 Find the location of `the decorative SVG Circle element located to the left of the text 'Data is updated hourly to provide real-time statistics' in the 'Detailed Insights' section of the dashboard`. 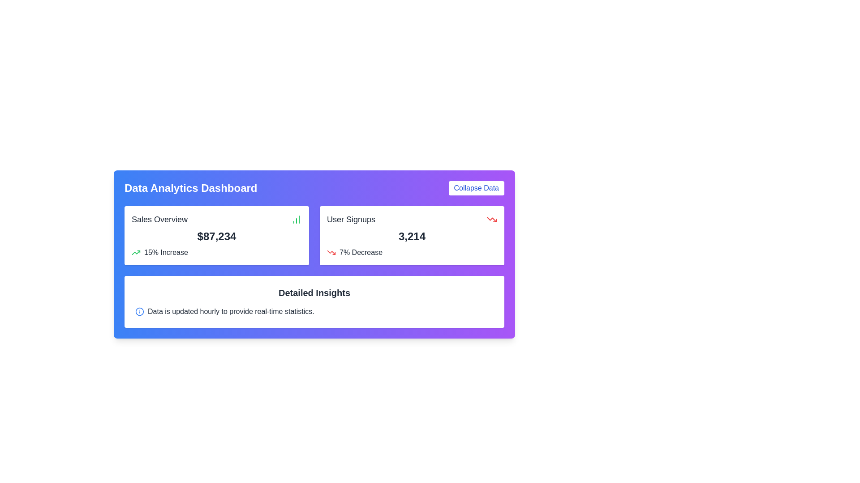

the decorative SVG Circle element located to the left of the text 'Data is updated hourly to provide real-time statistics' in the 'Detailed Insights' section of the dashboard is located at coordinates (139, 311).